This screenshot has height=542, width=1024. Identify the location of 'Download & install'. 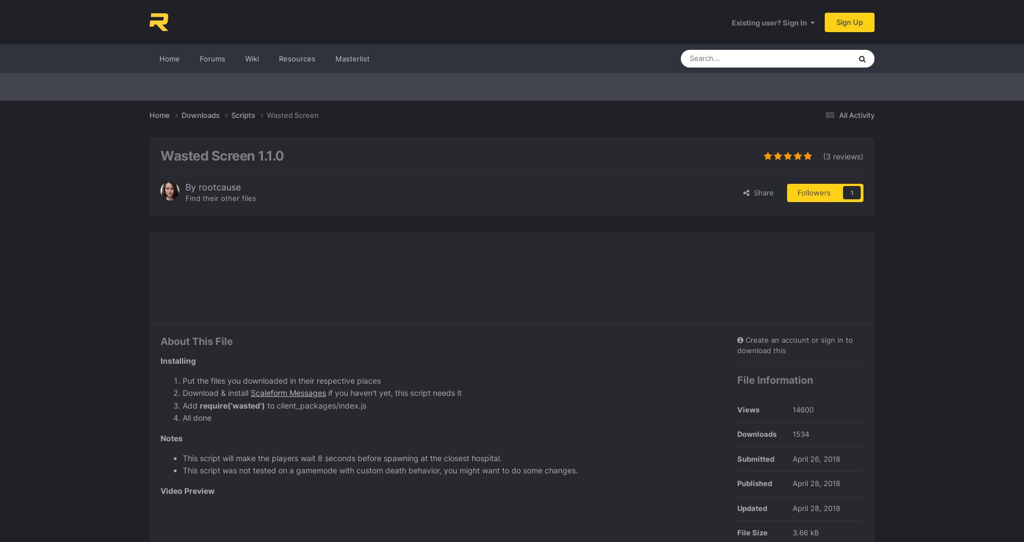
(216, 392).